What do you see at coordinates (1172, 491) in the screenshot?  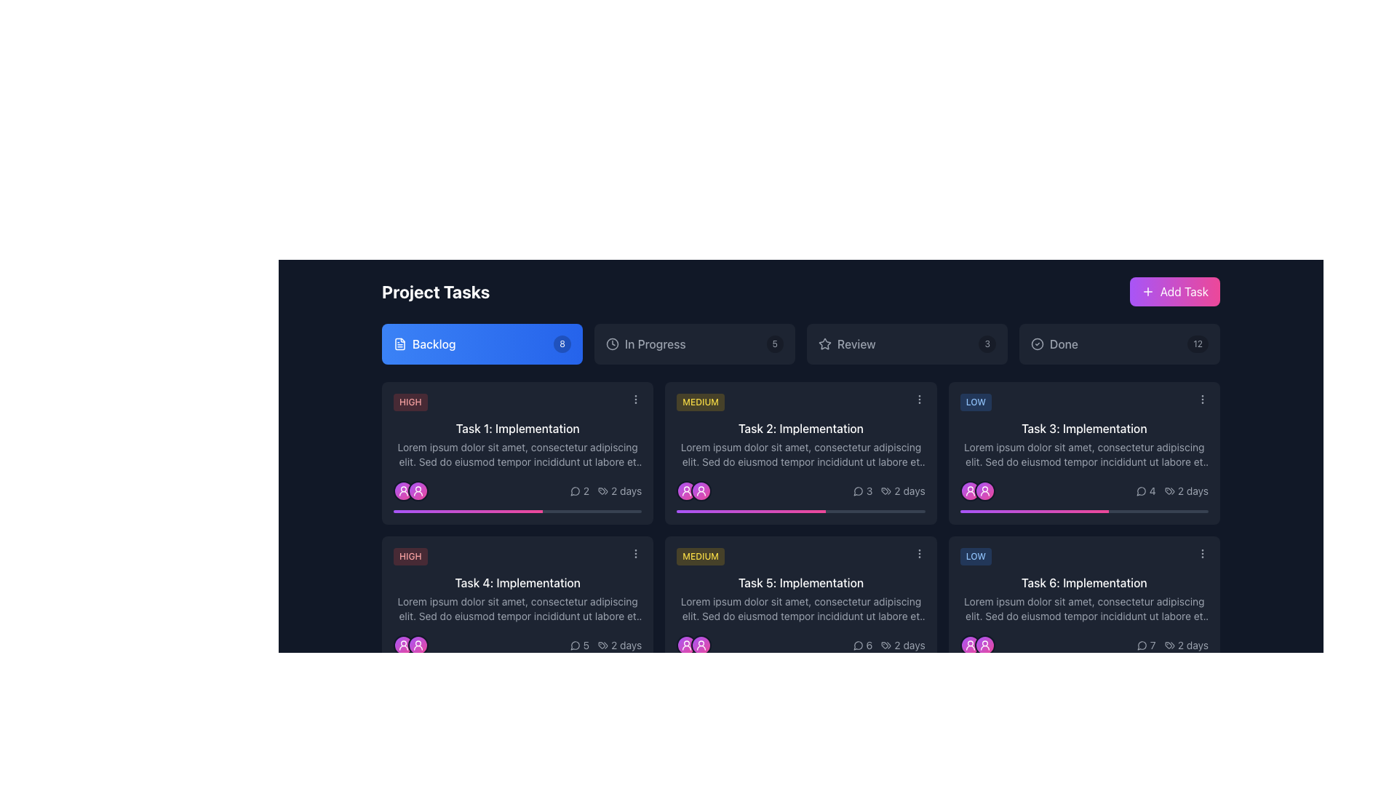 I see `the text label displaying '42 days', which indicates a duration associated with a task or project, located on the right side of a grouping of icons and text labels` at bounding box center [1172, 491].